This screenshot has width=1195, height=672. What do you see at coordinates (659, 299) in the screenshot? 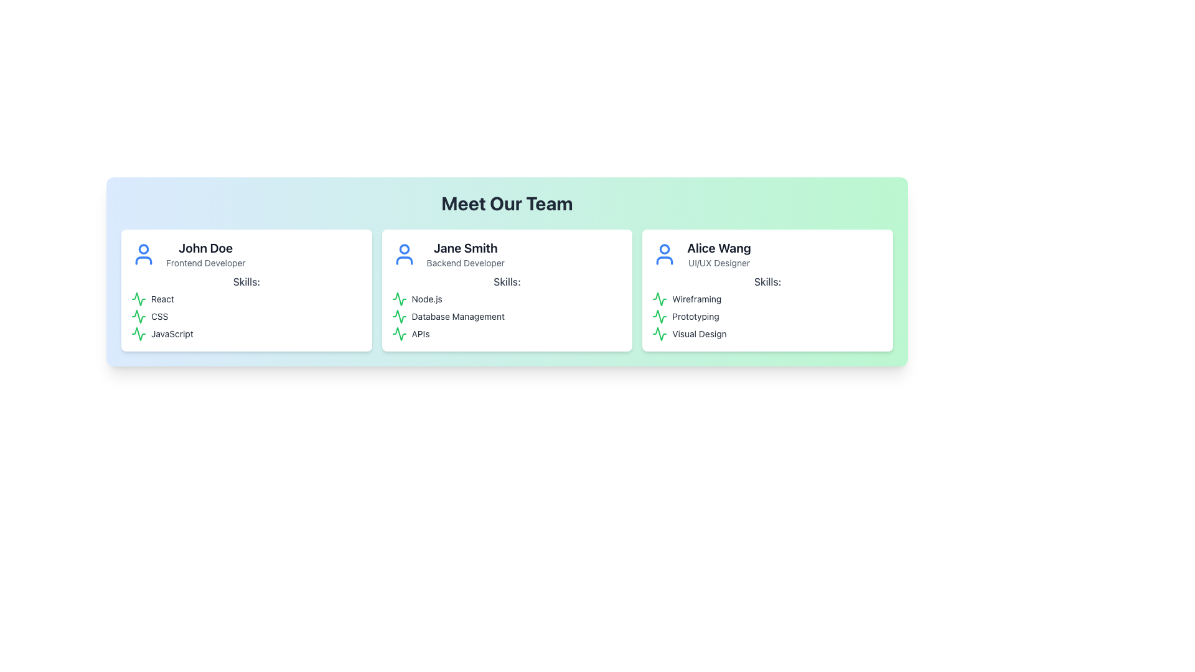
I see `the green pulse icon located to the left of the skill description 'Wireframing' in the card for 'Alice Wang' in the 'Meet Our Team' section` at bounding box center [659, 299].